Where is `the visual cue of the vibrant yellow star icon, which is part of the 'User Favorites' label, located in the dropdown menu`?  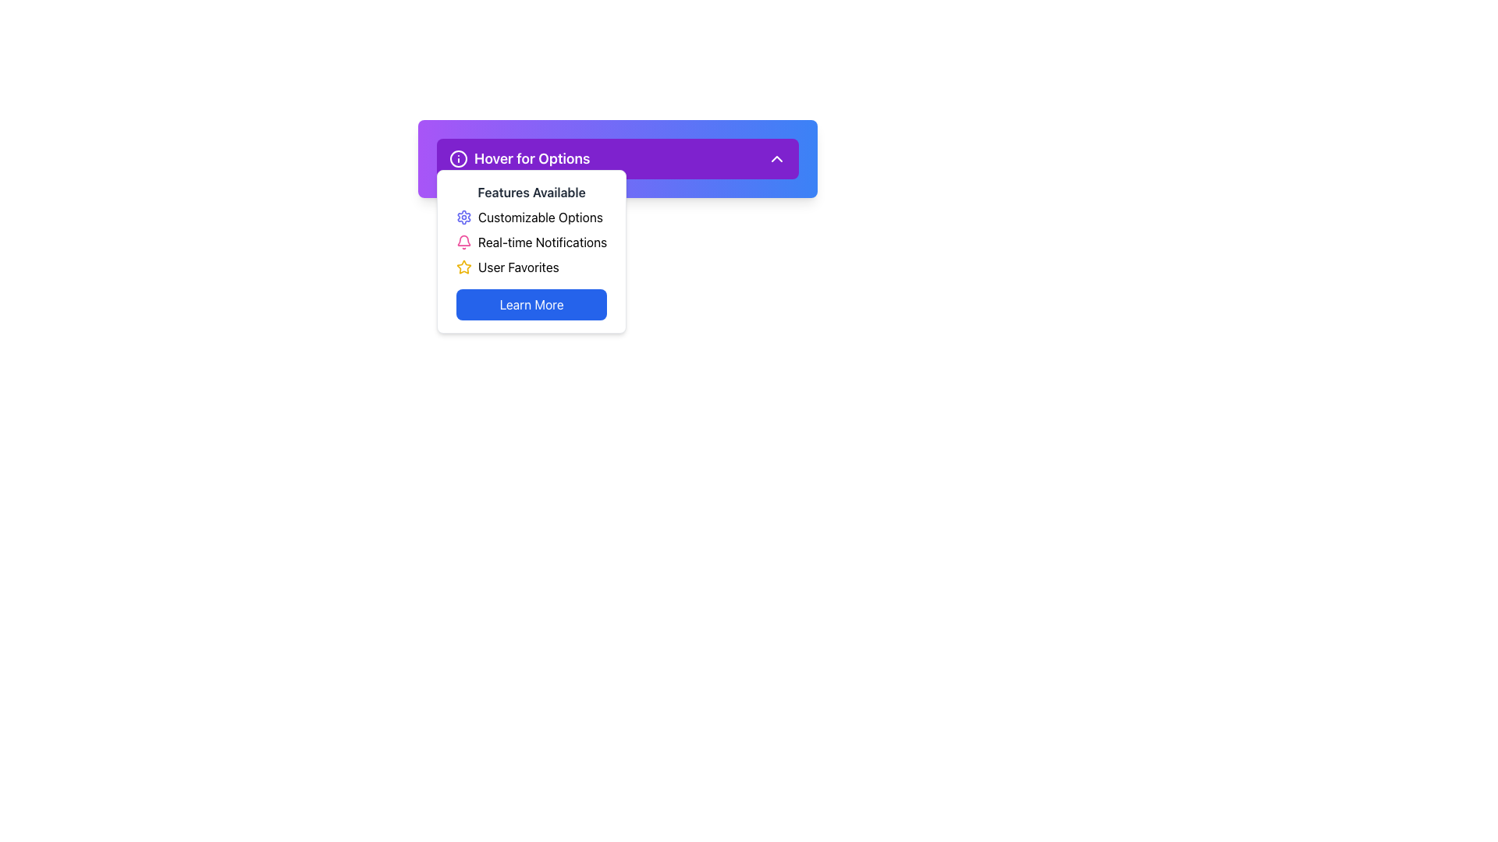
the visual cue of the vibrant yellow star icon, which is part of the 'User Favorites' label, located in the dropdown menu is located at coordinates (463, 267).